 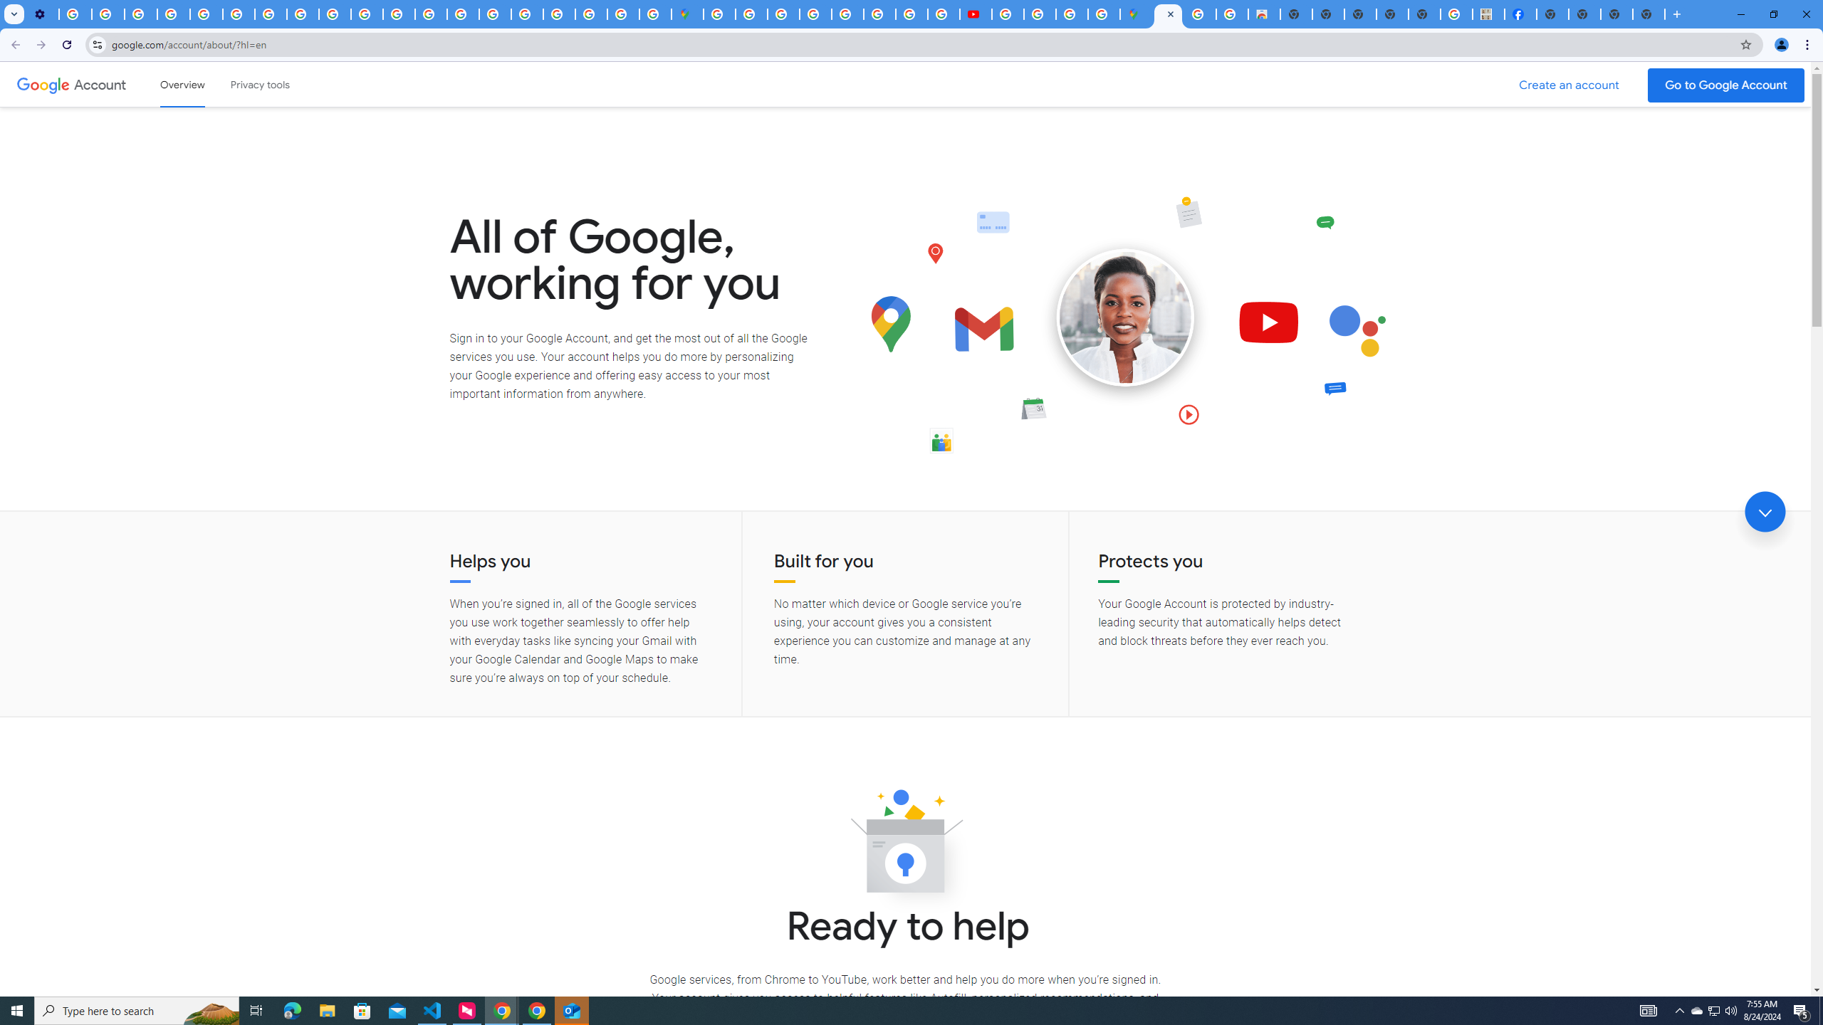 I want to click on 'Go to your Google Account', so click(x=1726, y=85).